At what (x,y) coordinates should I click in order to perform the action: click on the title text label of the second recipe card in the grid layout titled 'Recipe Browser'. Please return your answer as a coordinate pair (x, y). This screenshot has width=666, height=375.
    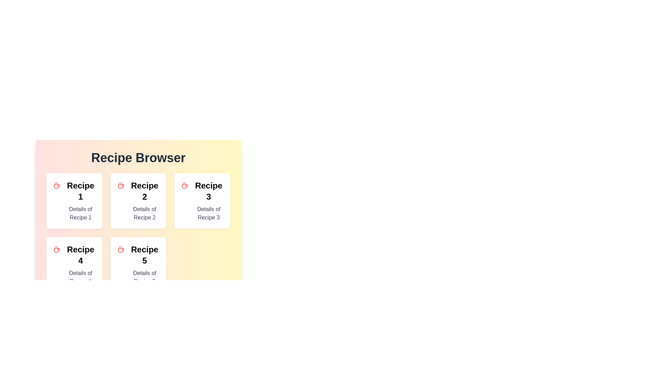
    Looking at the image, I should click on (144, 191).